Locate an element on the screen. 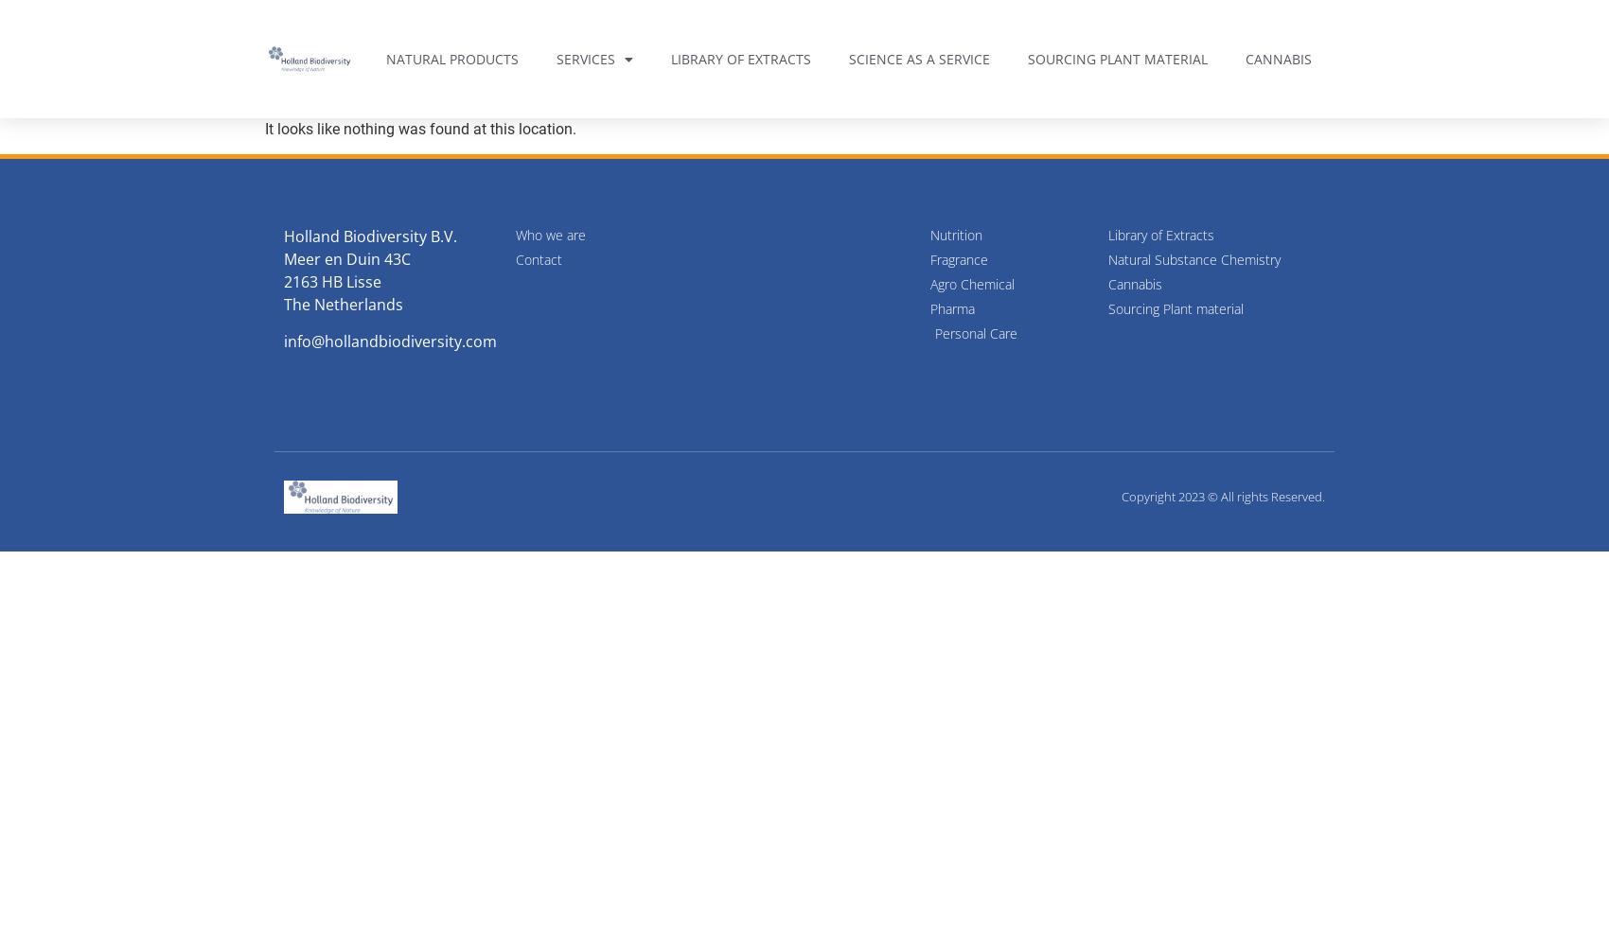 The width and height of the screenshot is (1609, 946). 'It looks like nothing was found at this location.' is located at coordinates (420, 129).